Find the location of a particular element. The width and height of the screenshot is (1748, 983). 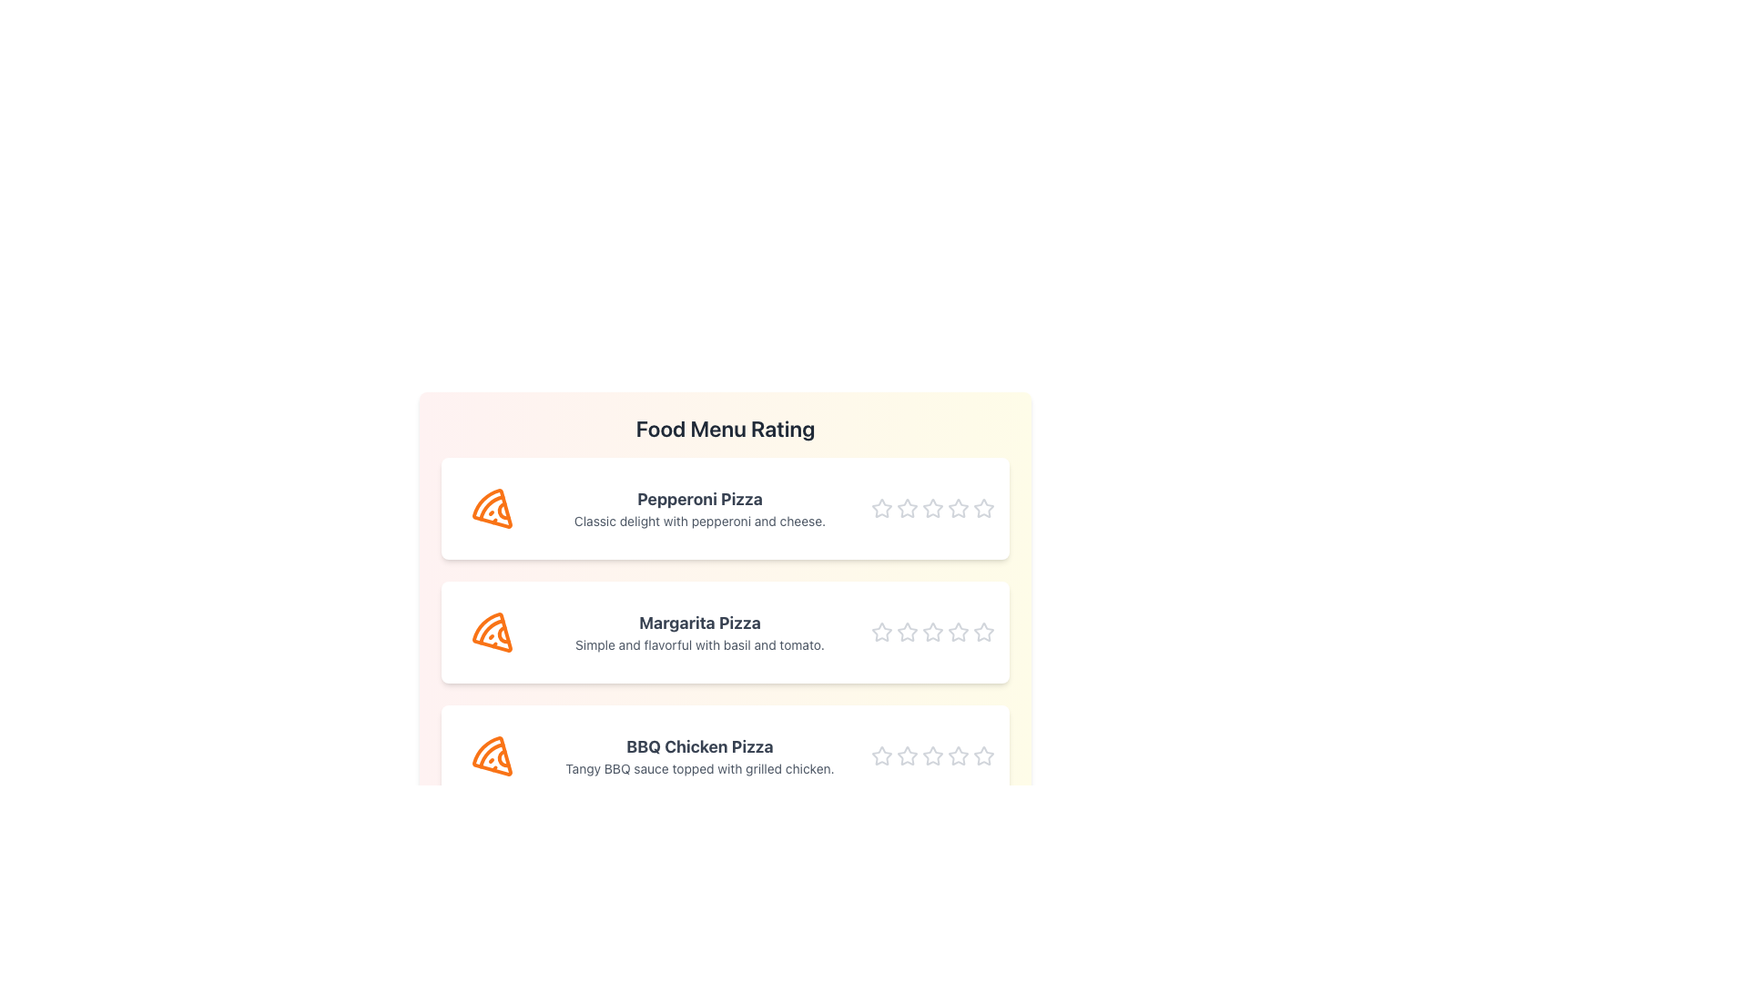

the second star in the five-star rating system for the 'Pepperoni Pizza' item is located at coordinates (908, 508).